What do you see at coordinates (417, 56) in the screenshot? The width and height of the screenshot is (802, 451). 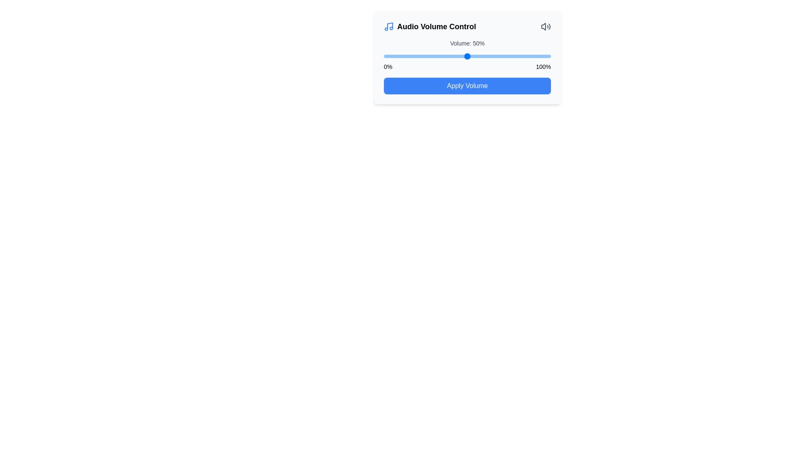 I see `the volume` at bounding box center [417, 56].